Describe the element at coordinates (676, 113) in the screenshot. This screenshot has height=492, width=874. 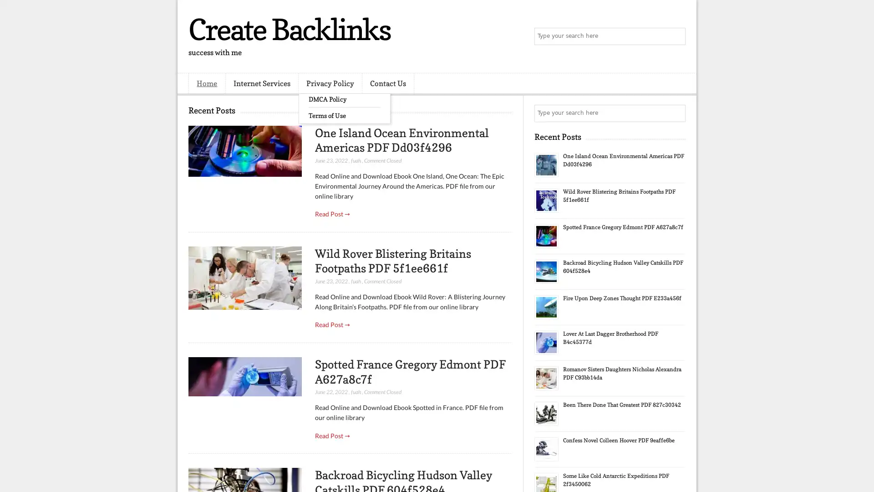
I see `Search` at that location.